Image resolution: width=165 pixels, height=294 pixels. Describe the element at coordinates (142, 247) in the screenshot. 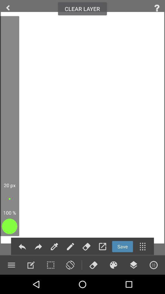

I see `the dialpad icon` at that location.